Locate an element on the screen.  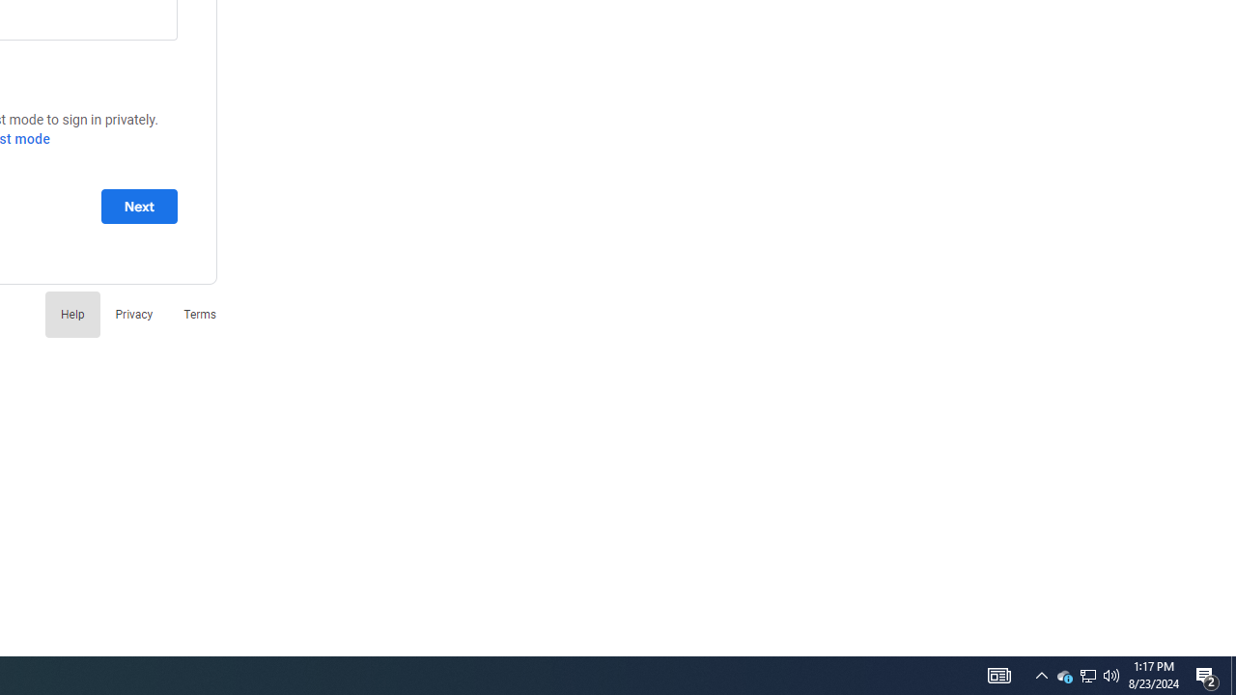
'Next' is located at coordinates (138, 206).